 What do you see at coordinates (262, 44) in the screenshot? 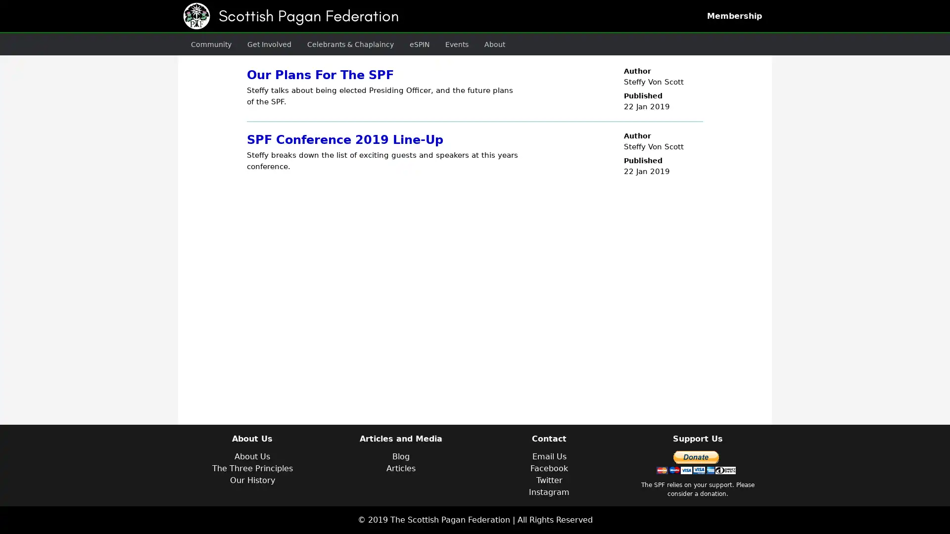
I see `Get Involved` at bounding box center [262, 44].